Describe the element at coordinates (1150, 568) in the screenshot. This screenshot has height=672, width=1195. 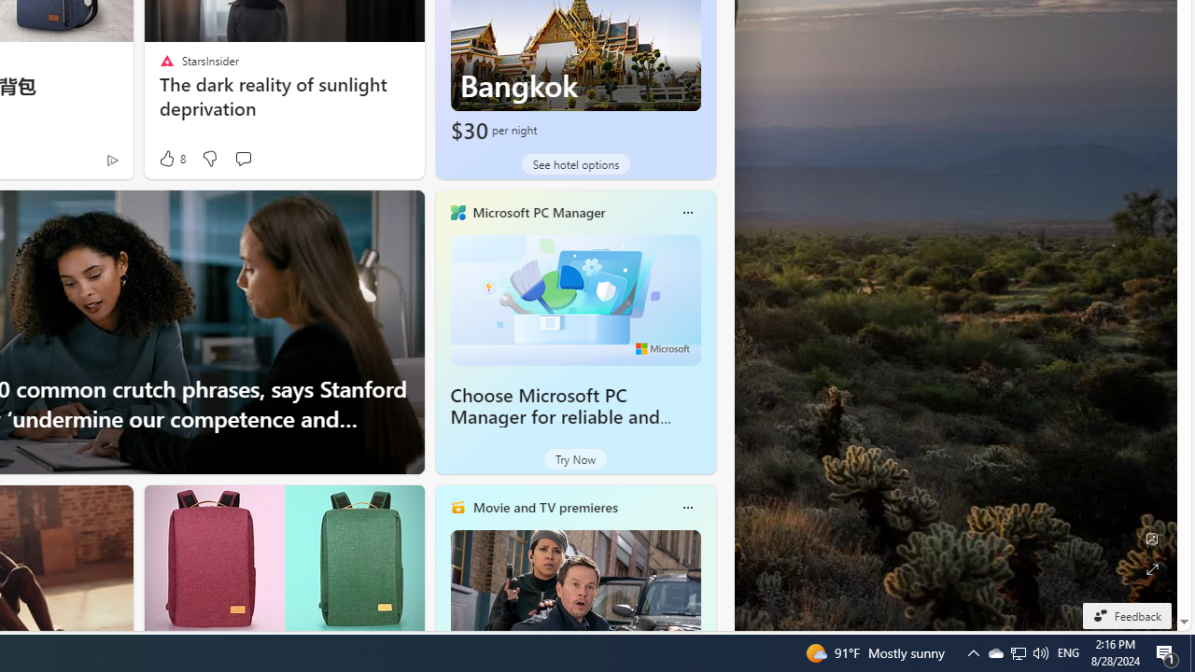
I see `'Expand background'` at that location.